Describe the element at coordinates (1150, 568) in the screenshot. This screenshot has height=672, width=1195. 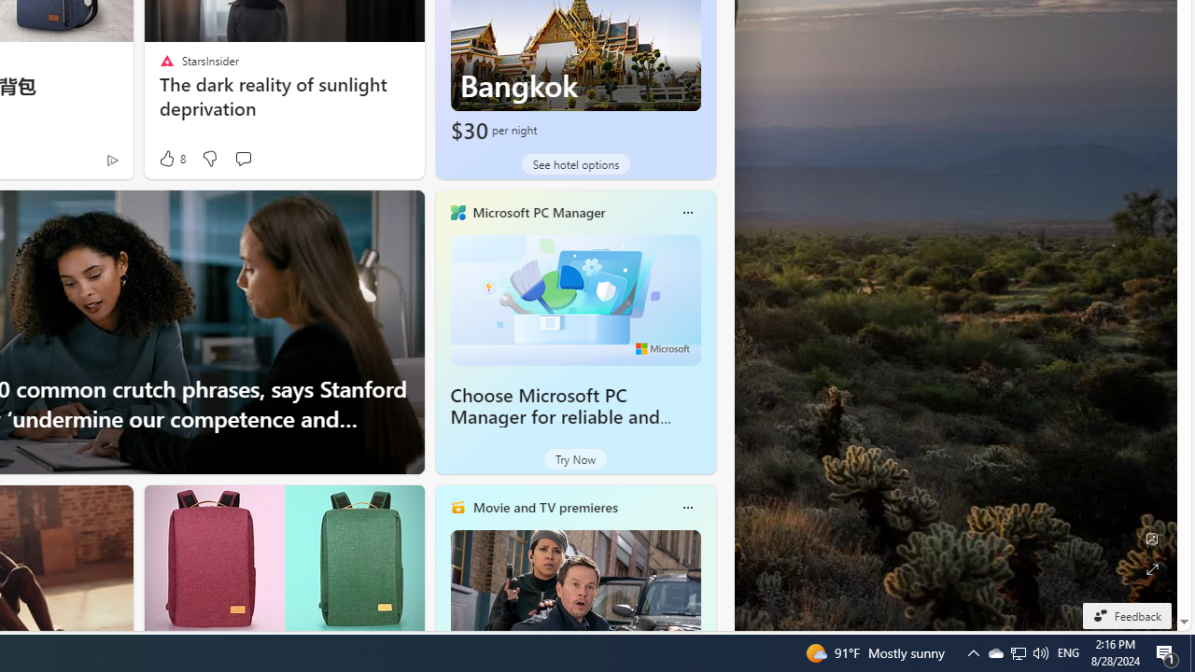
I see `'Expand background'` at that location.